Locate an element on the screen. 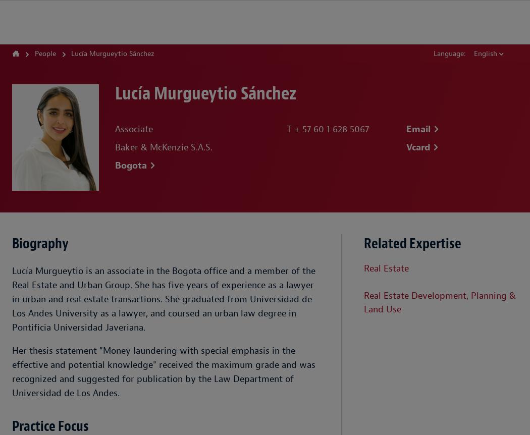 The height and width of the screenshot is (435, 530). 'Baker & McKenzie S.A.S.' is located at coordinates (164, 147).